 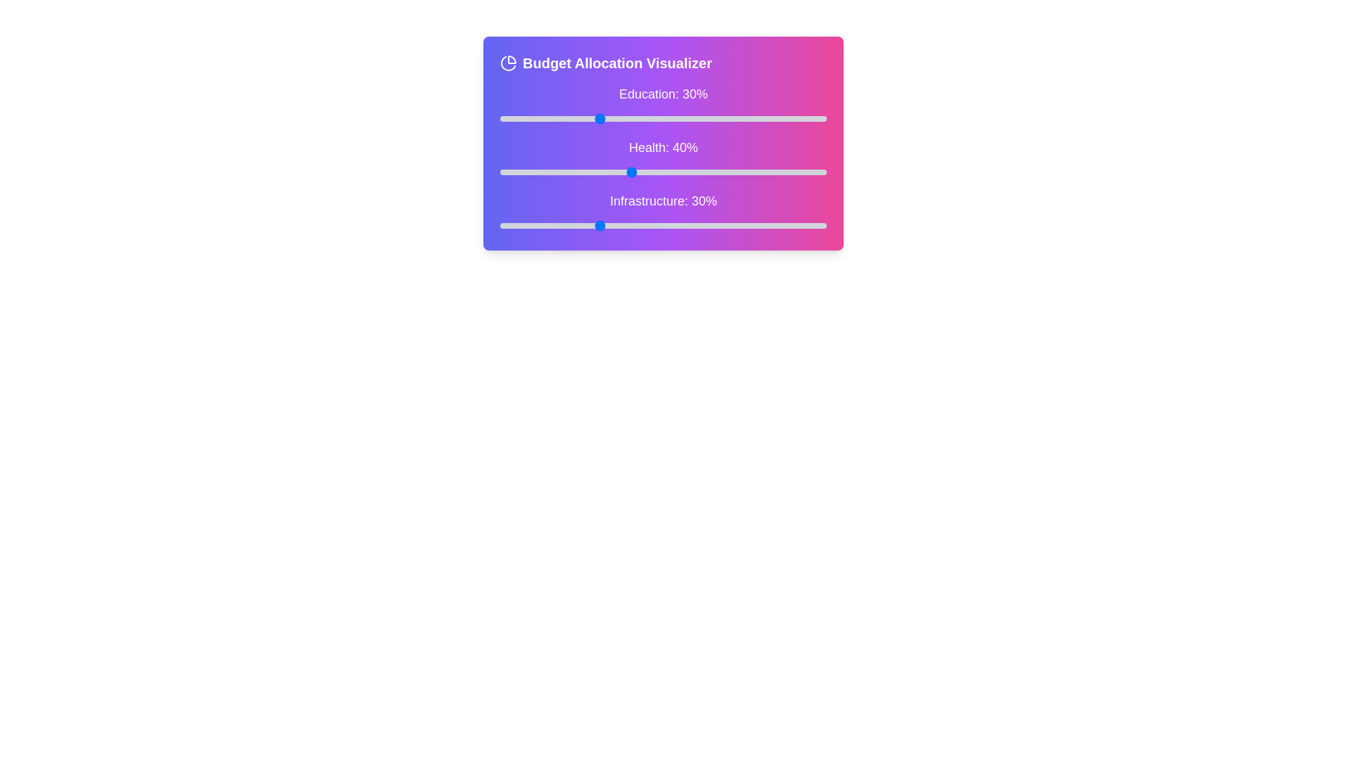 I want to click on 'Infrastructure' percentage, so click(x=656, y=224).